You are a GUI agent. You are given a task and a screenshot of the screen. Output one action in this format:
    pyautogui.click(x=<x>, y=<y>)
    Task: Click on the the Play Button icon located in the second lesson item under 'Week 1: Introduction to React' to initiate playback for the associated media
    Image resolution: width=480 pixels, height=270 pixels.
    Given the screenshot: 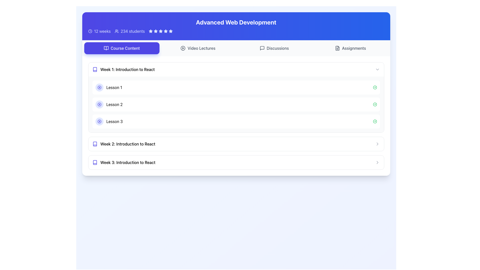 What is the action you would take?
    pyautogui.click(x=99, y=104)
    